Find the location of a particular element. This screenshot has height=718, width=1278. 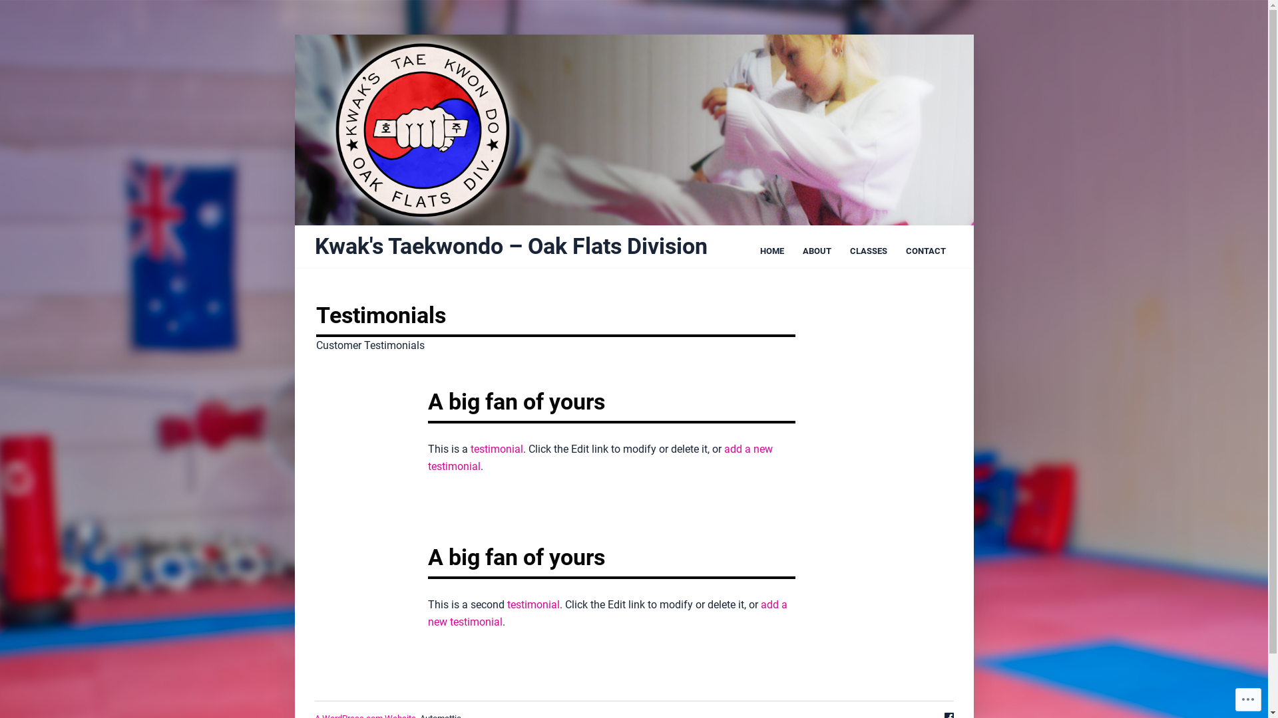

'HOME' is located at coordinates (760, 251).